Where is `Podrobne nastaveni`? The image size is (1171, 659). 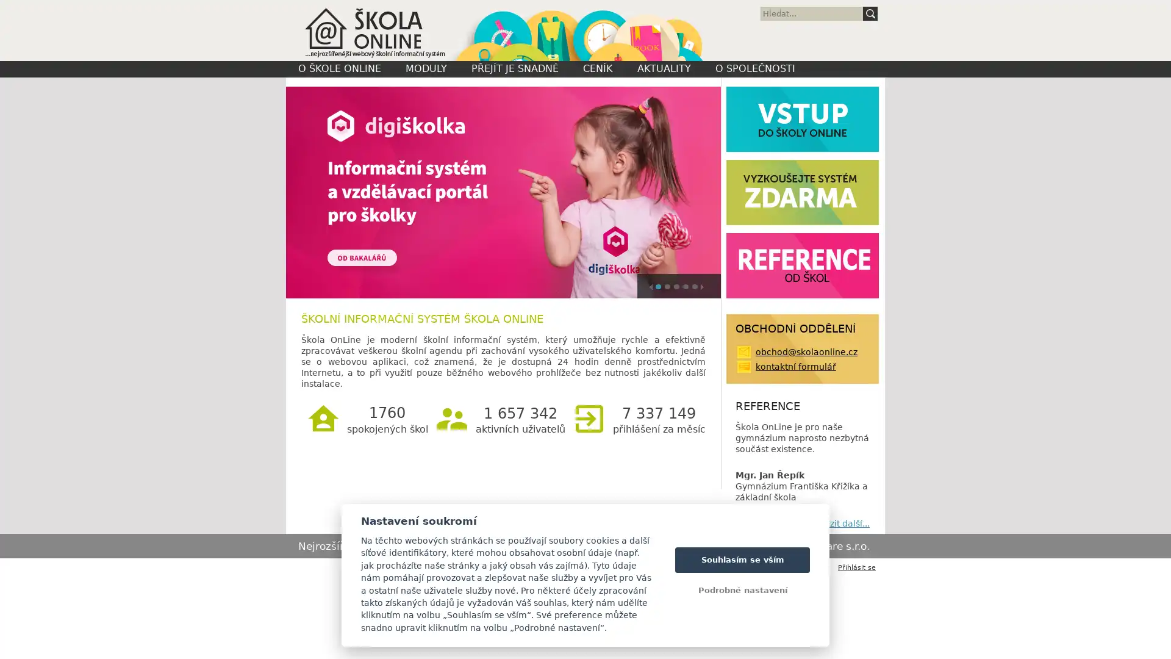
Podrobne nastaveni is located at coordinates (742, 590).